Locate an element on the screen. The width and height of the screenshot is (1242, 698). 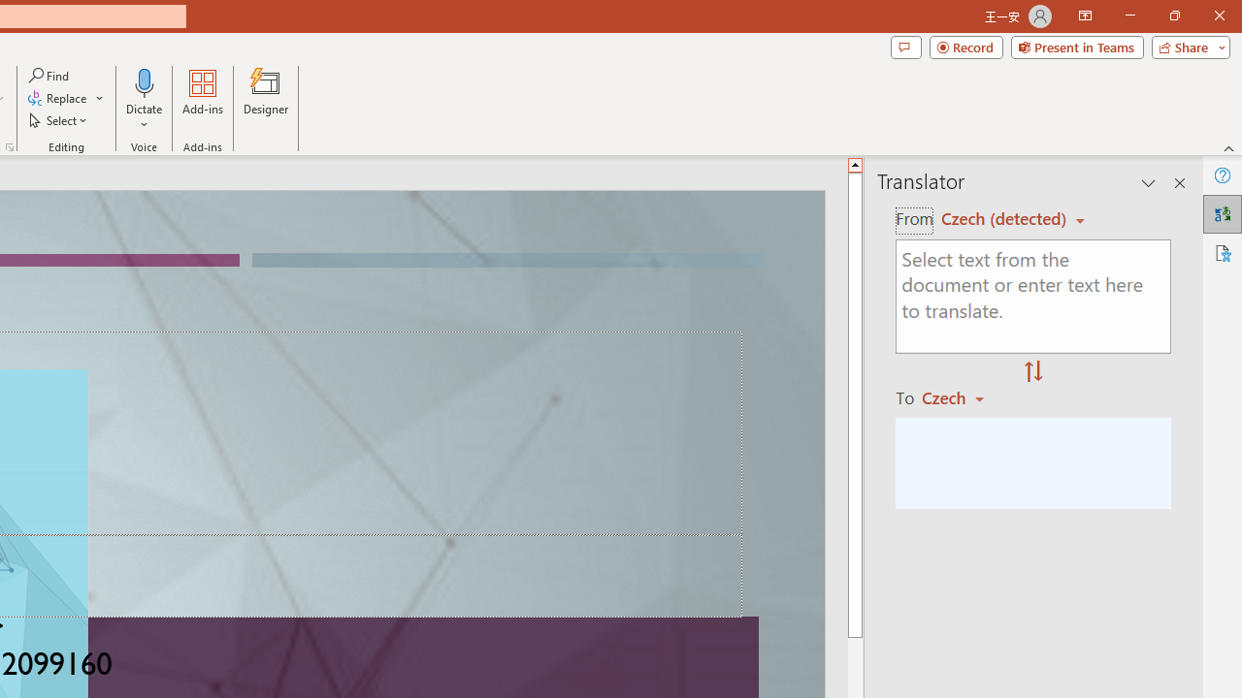
'Czech (detected)' is located at coordinates (1006, 218).